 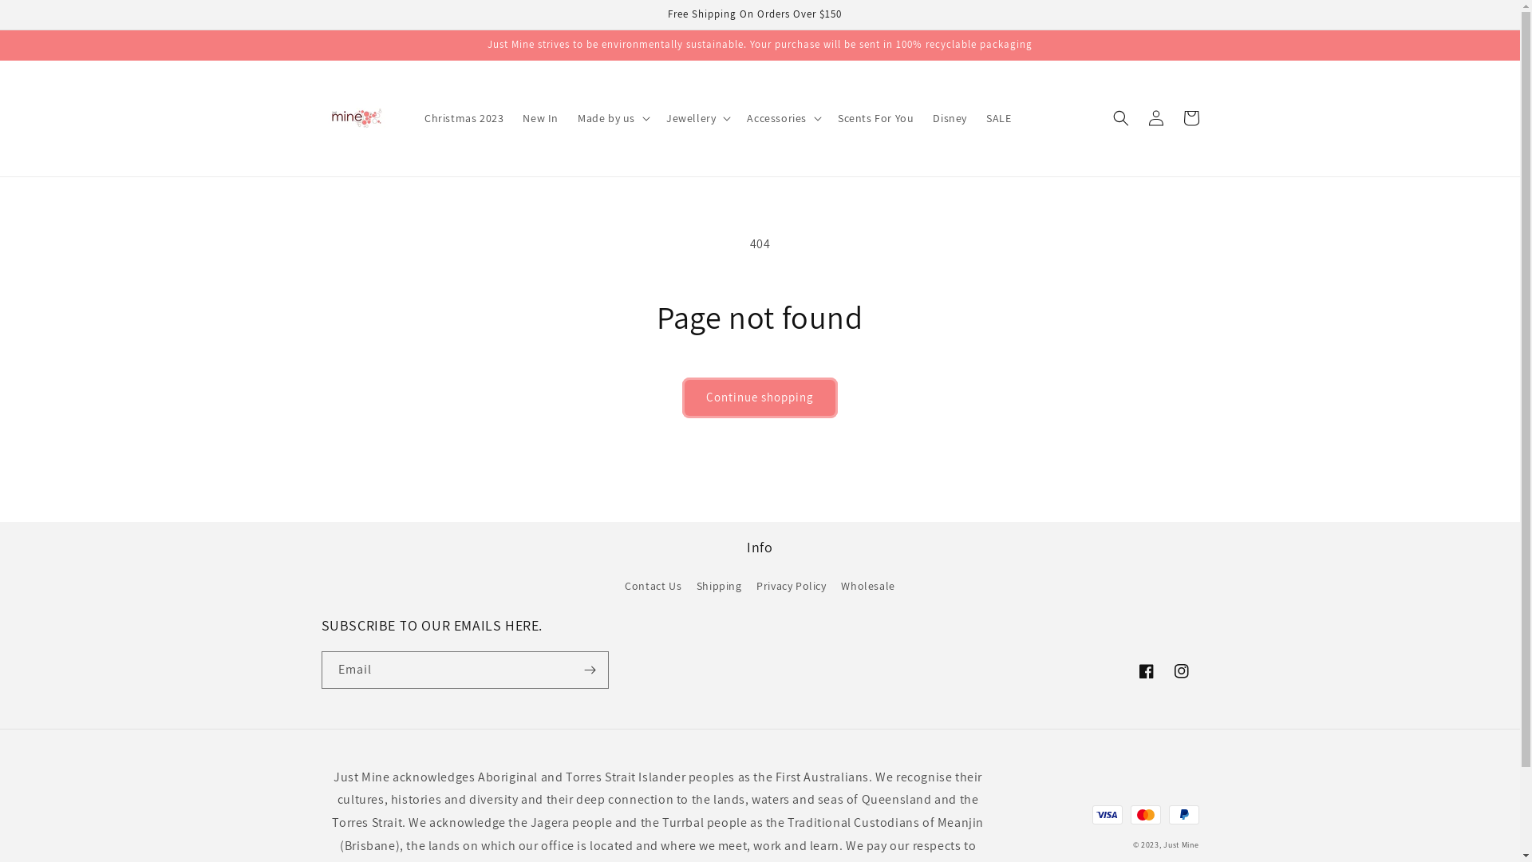 I want to click on 'Privacy Policy', so click(x=791, y=586).